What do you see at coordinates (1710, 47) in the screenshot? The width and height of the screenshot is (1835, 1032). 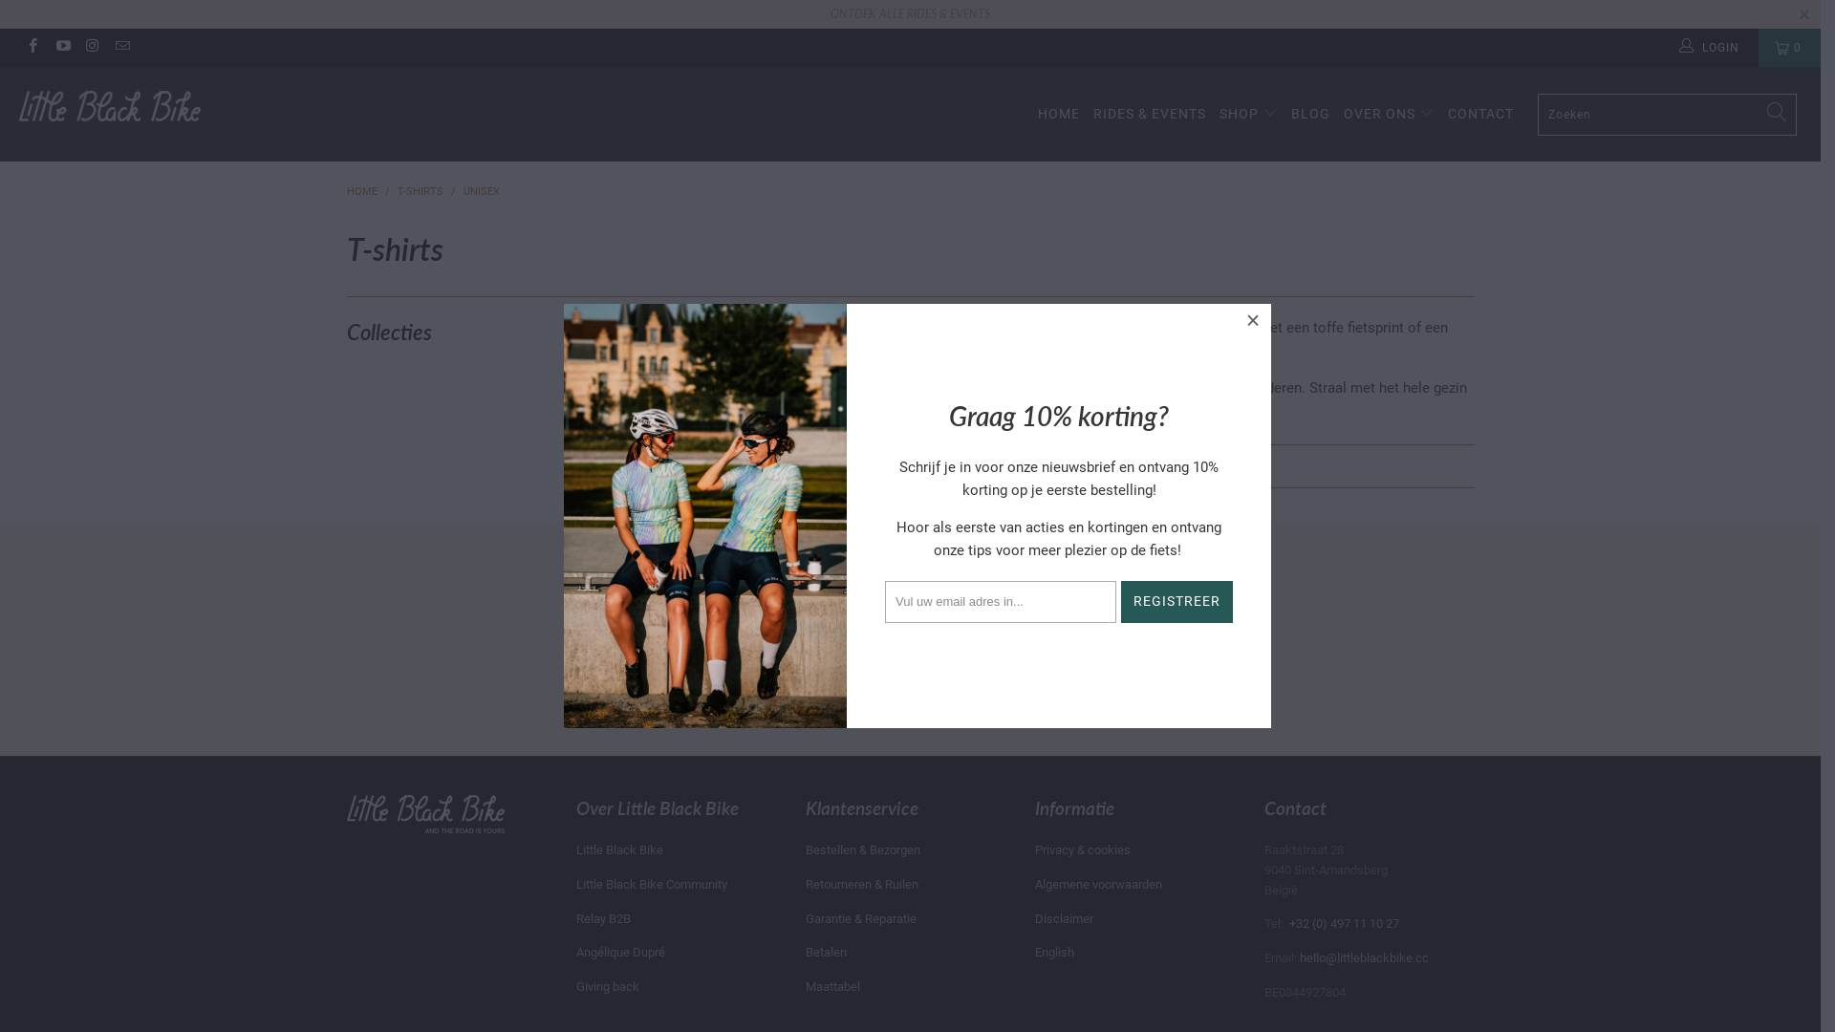 I see `'LOGIN'` at bounding box center [1710, 47].